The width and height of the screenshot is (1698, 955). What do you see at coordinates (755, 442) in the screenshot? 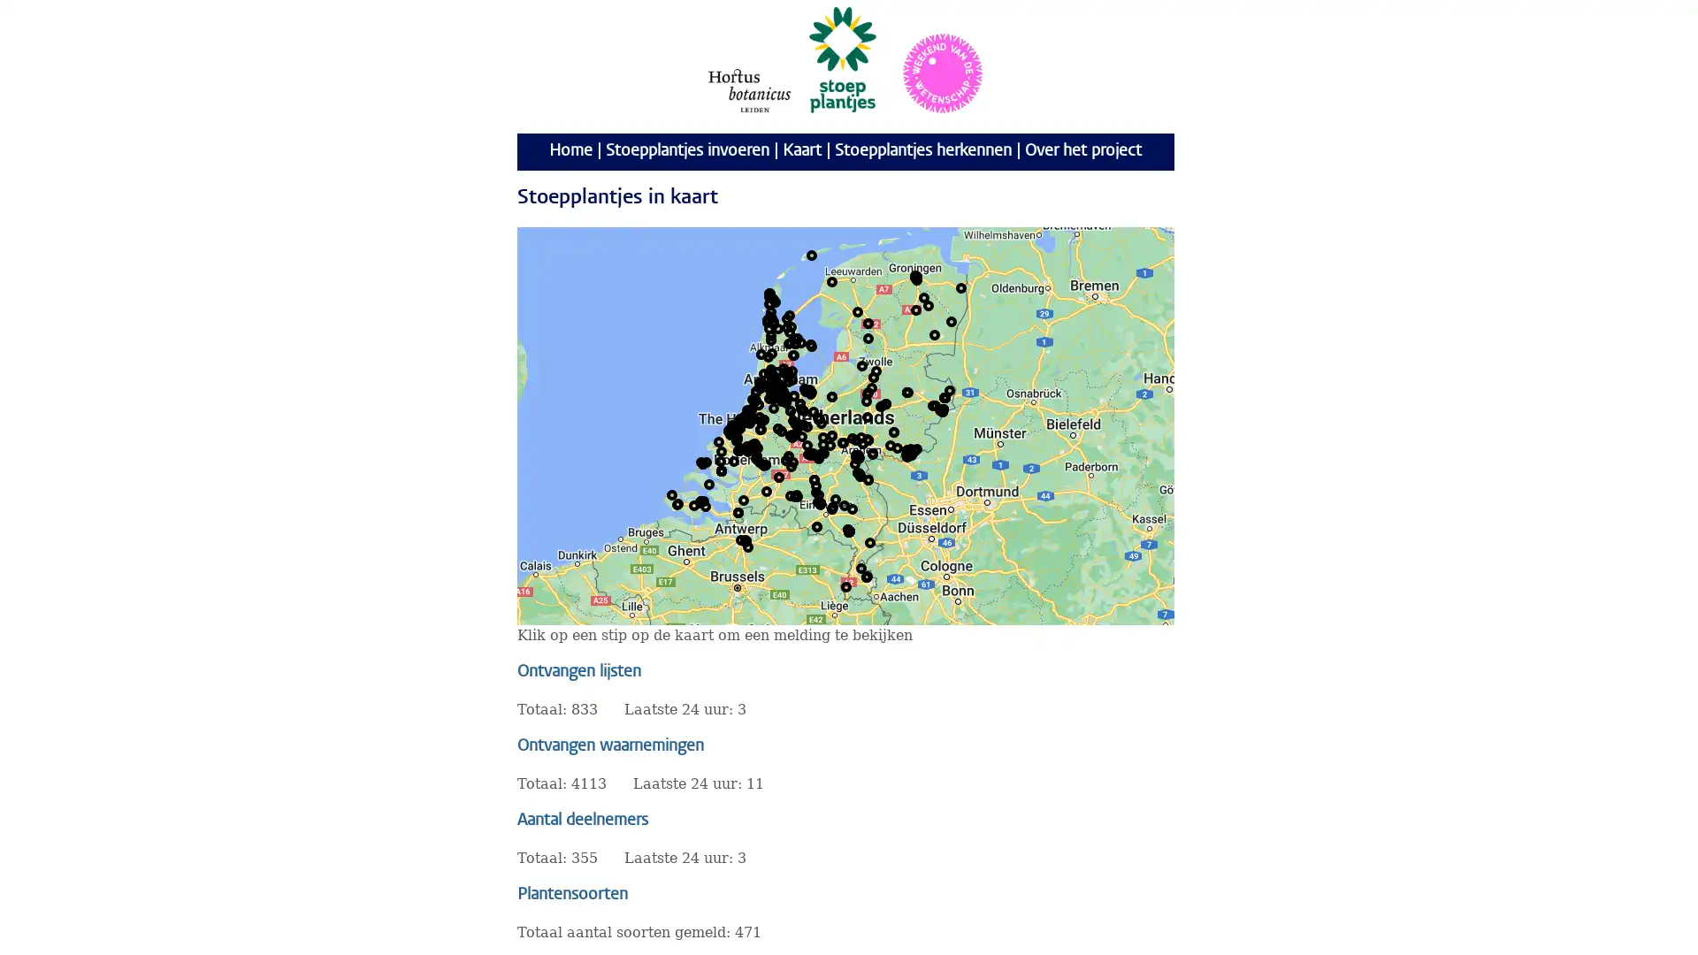
I see `Telling van Josien Hofs op 11 februari 2022` at bounding box center [755, 442].